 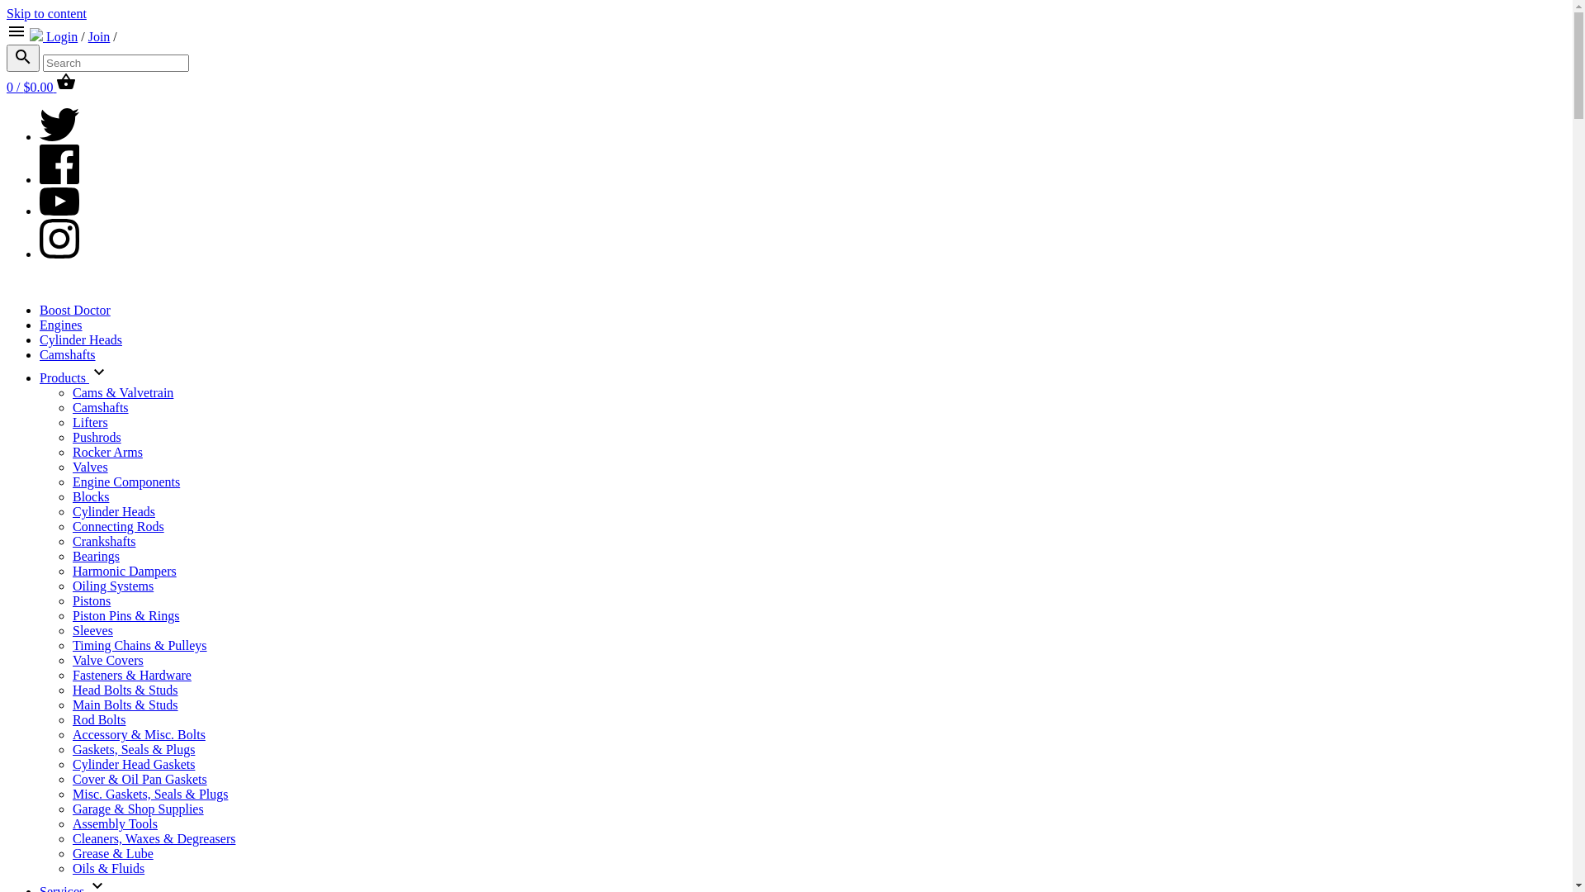 I want to click on 'Accessory & Misc. Bolts', so click(x=139, y=733).